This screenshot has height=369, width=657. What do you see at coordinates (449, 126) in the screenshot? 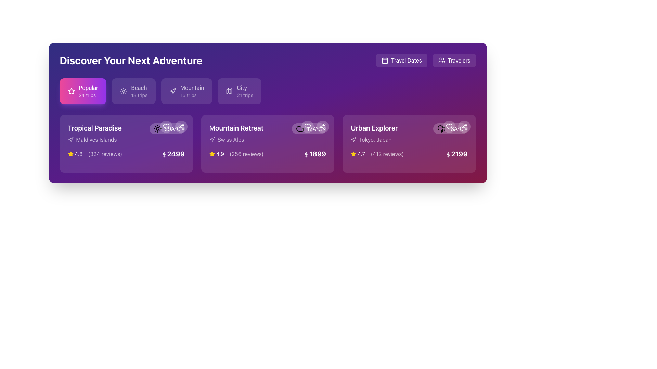
I see `the second circular button from the left in the row of buttons near the top-right corner of the 'Urban Explorer' card to mark it as favorite` at bounding box center [449, 126].